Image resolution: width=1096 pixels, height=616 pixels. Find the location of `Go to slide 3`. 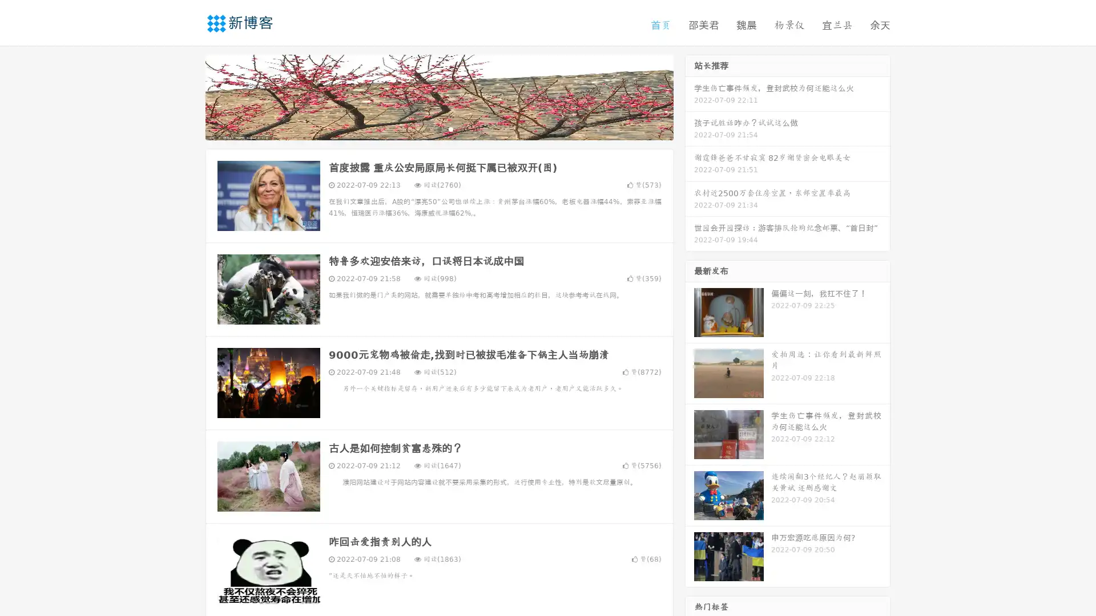

Go to slide 3 is located at coordinates (450, 128).